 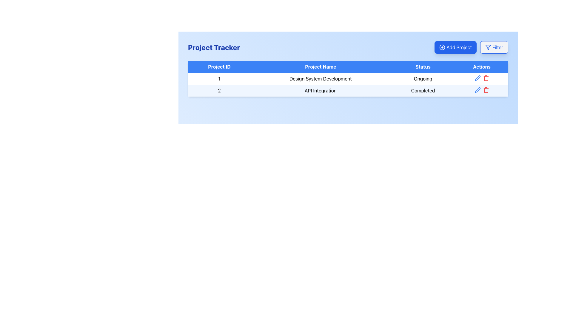 What do you see at coordinates (219, 66) in the screenshot?
I see `text of the 'Project ID' text label, which has a blue background and white centered text, located at the top-left corner of the grid panel` at bounding box center [219, 66].